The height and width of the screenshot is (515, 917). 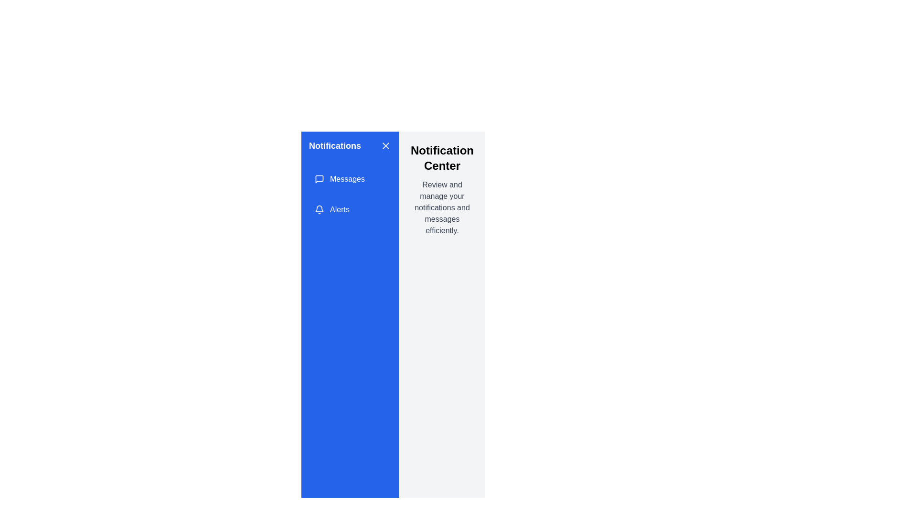 I want to click on the 'Alerts' text label displayed in white against a blue background, which is positioned next to a notification bell icon in the sidebar, so click(x=340, y=209).